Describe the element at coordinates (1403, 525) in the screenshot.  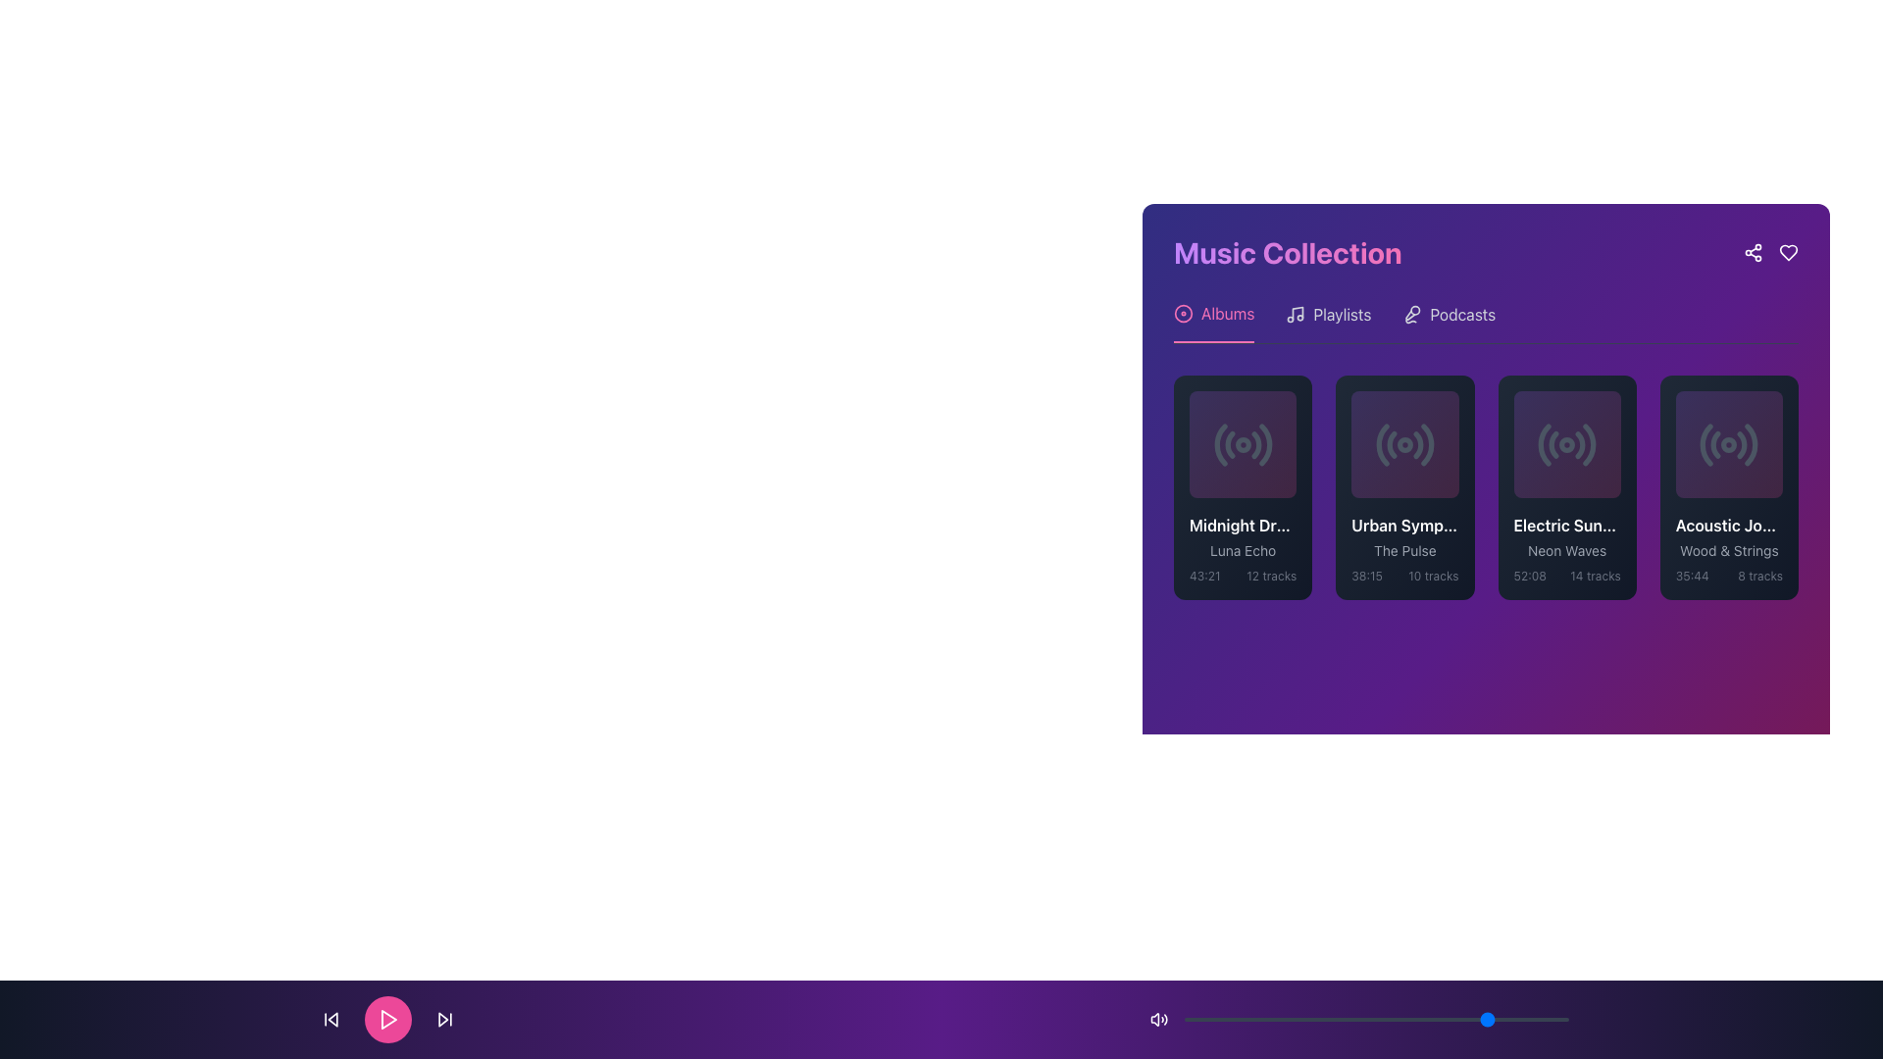
I see `text label displaying 'Urban Symphony' located in the second card of the 'Music Collection' section, situated below an icon and above the text 'The Pulse'` at that location.